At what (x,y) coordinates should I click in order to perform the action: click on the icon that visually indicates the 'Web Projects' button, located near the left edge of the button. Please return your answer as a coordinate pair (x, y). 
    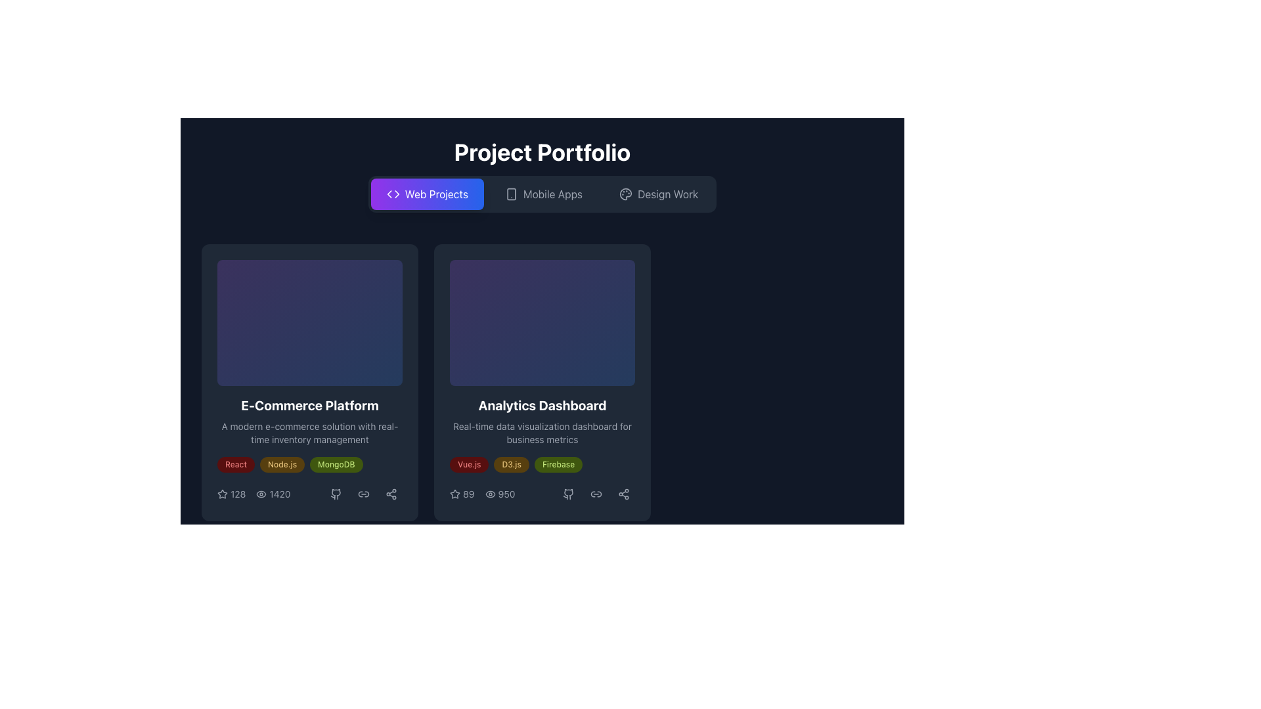
    Looking at the image, I should click on (392, 194).